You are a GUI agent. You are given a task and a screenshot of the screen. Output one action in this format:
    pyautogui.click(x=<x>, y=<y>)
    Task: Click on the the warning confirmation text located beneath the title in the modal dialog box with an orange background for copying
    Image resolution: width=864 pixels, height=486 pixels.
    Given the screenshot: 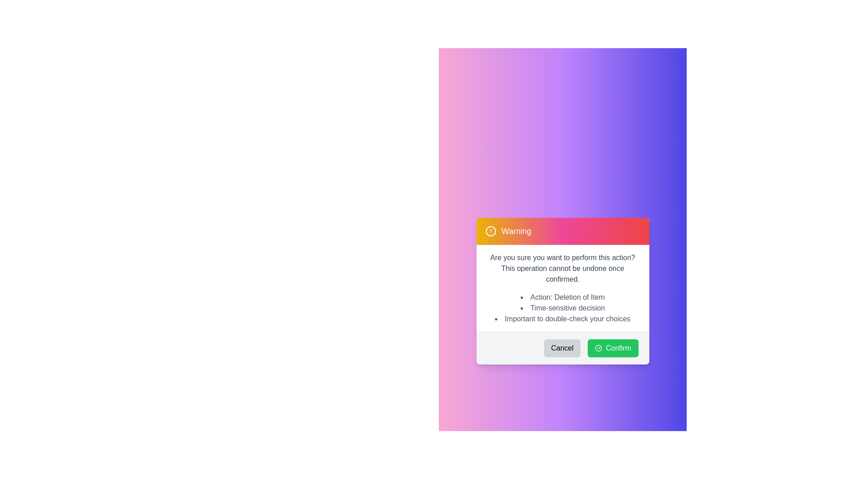 What is the action you would take?
    pyautogui.click(x=562, y=268)
    